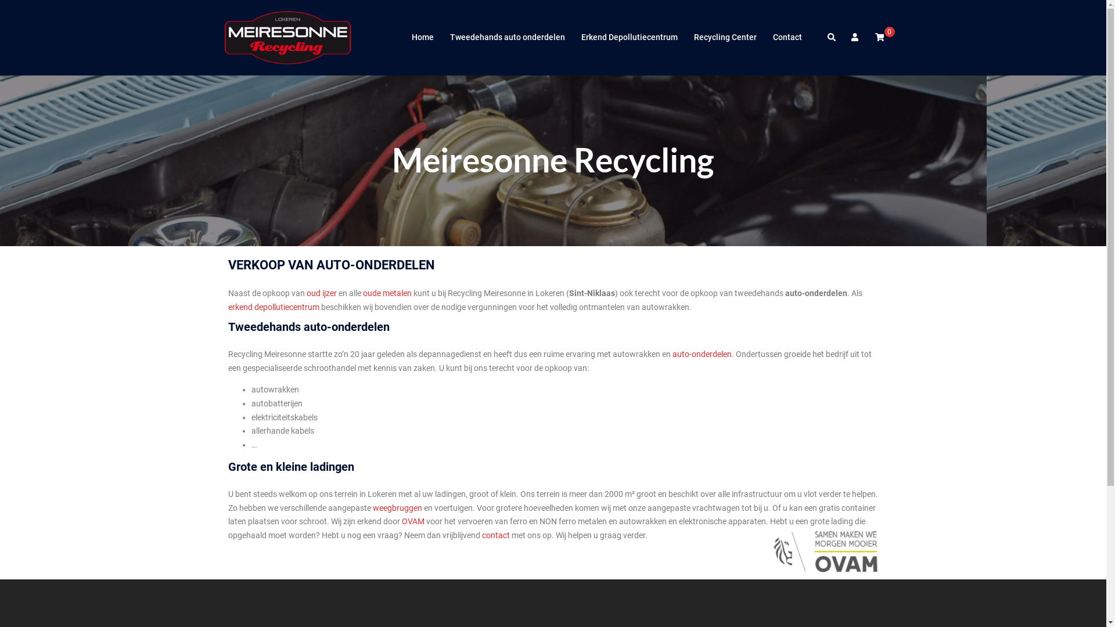 The height and width of the screenshot is (627, 1115). Describe the element at coordinates (855, 37) in the screenshot. I see `'Je account'` at that location.